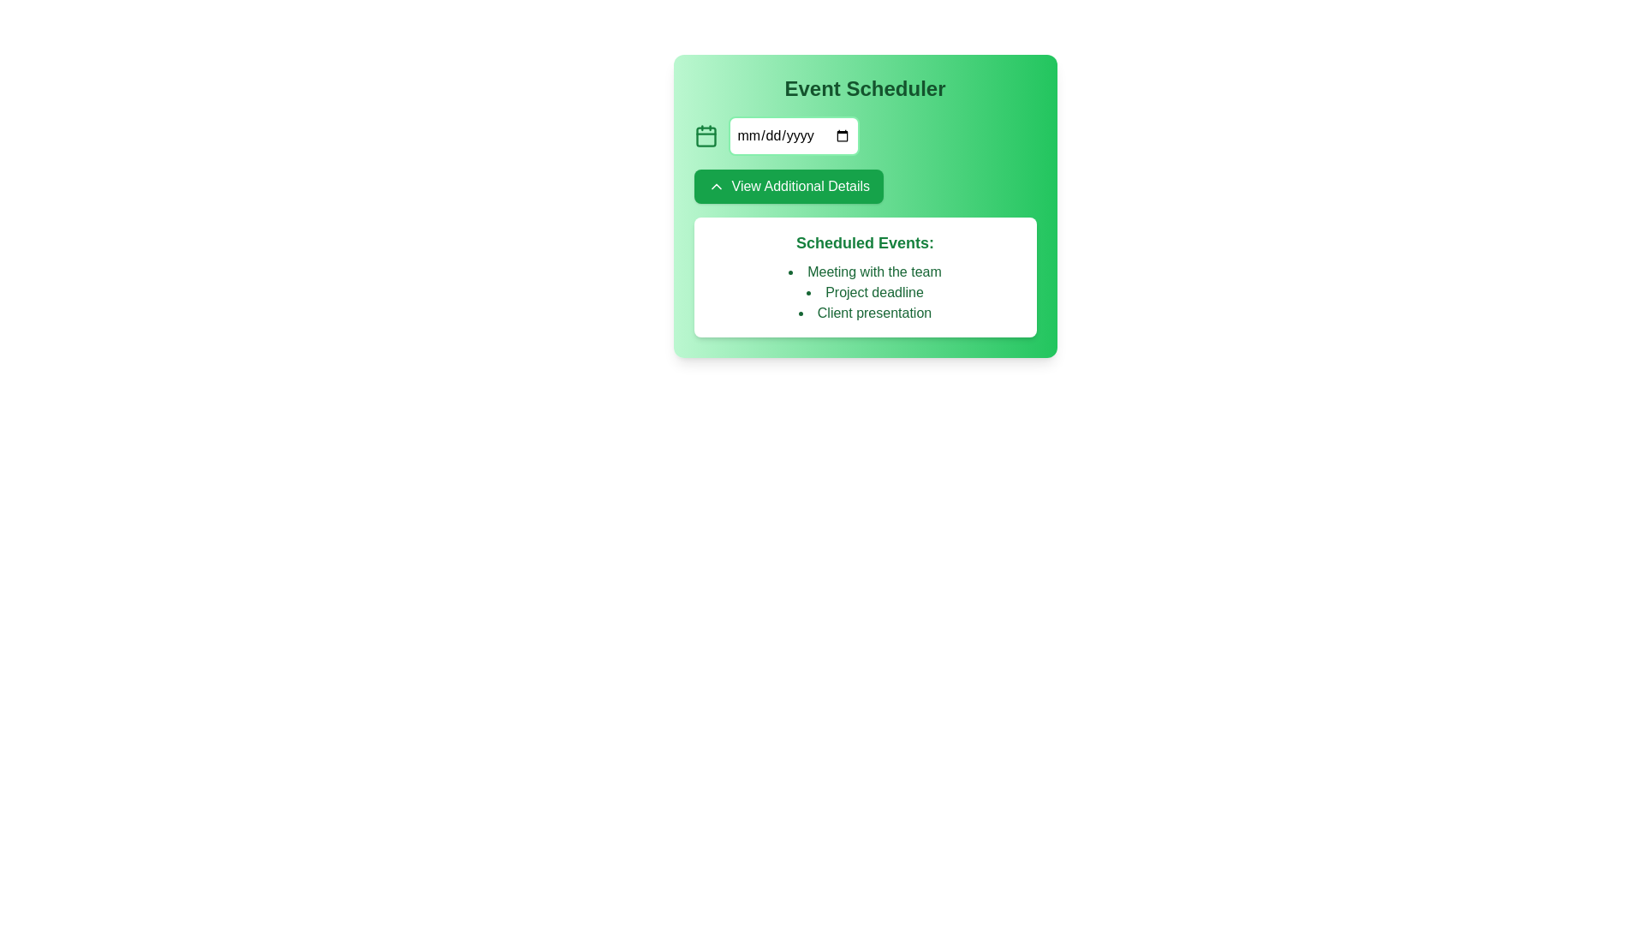 The image size is (1644, 925). I want to click on the 'Event Scheduler' text label, which is a bold title displayed in a large font size on a green gradient background at the top of the scheduling interface, so click(865, 89).